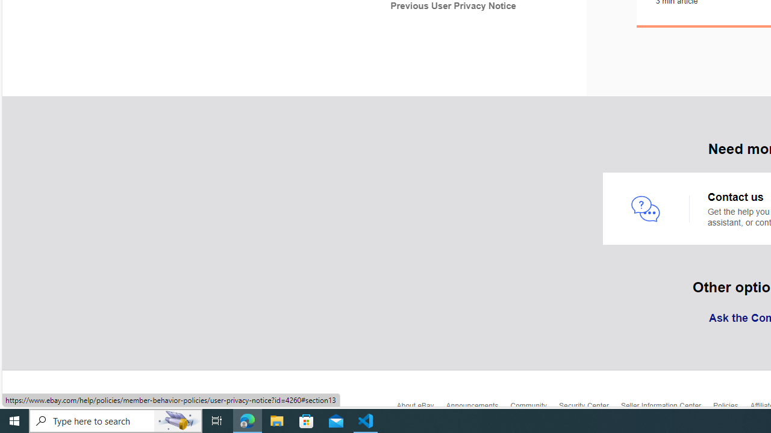 The width and height of the screenshot is (771, 433). What do you see at coordinates (421, 408) in the screenshot?
I see `'About eBay'` at bounding box center [421, 408].